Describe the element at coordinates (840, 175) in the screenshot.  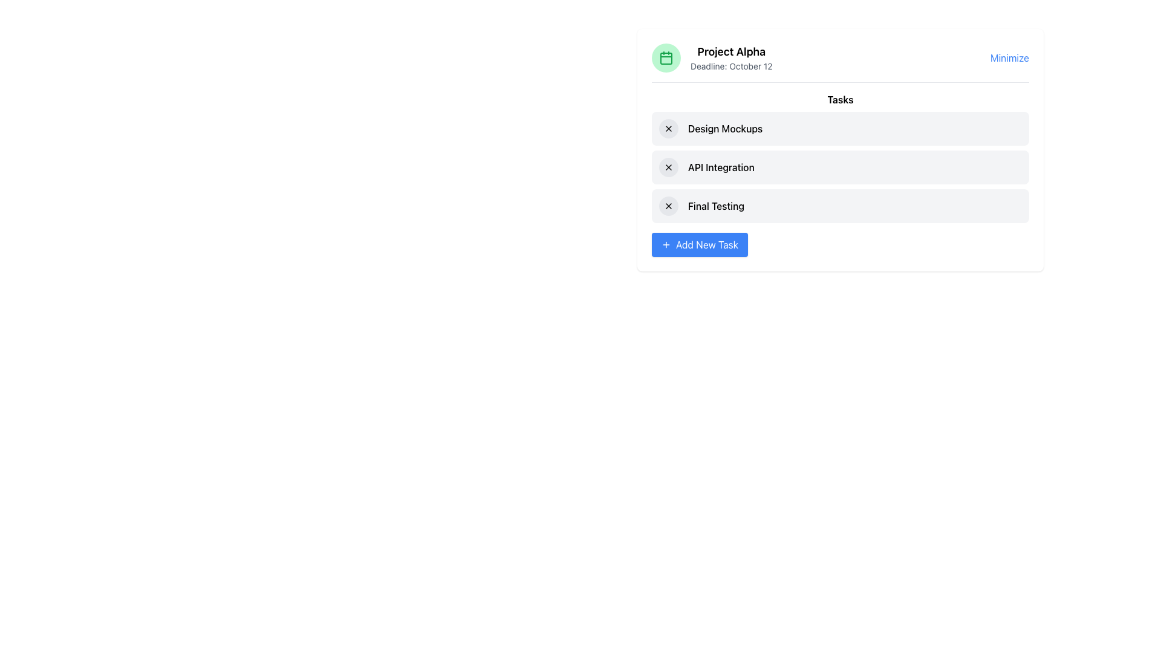
I see `the Task List in the 'Tasks' section of the 'Project Alpha' card` at that location.